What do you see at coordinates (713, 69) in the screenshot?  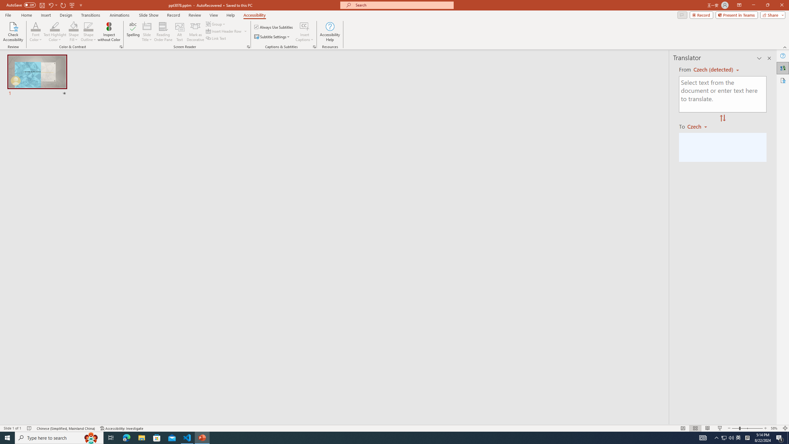 I see `'Czech (detected)'` at bounding box center [713, 69].